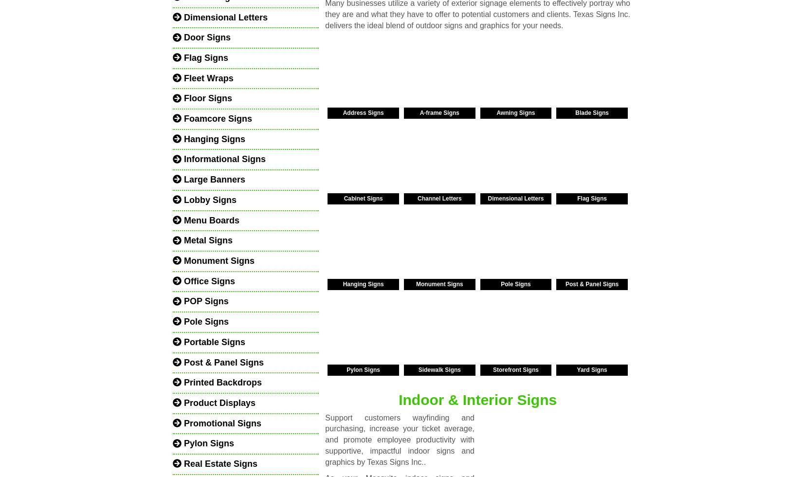  Describe the element at coordinates (221, 422) in the screenshot. I see `'Promotional Signs'` at that location.